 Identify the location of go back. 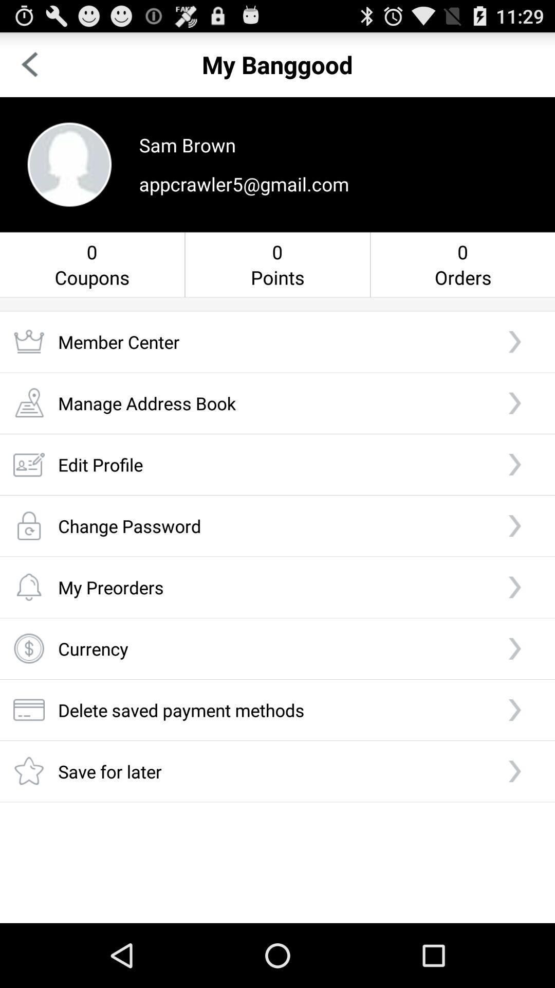
(29, 64).